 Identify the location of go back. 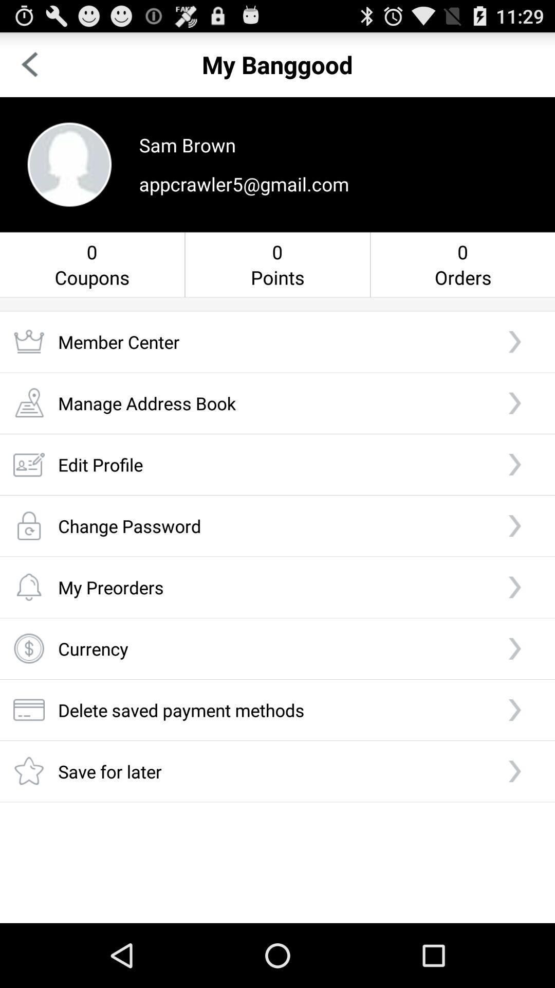
(29, 64).